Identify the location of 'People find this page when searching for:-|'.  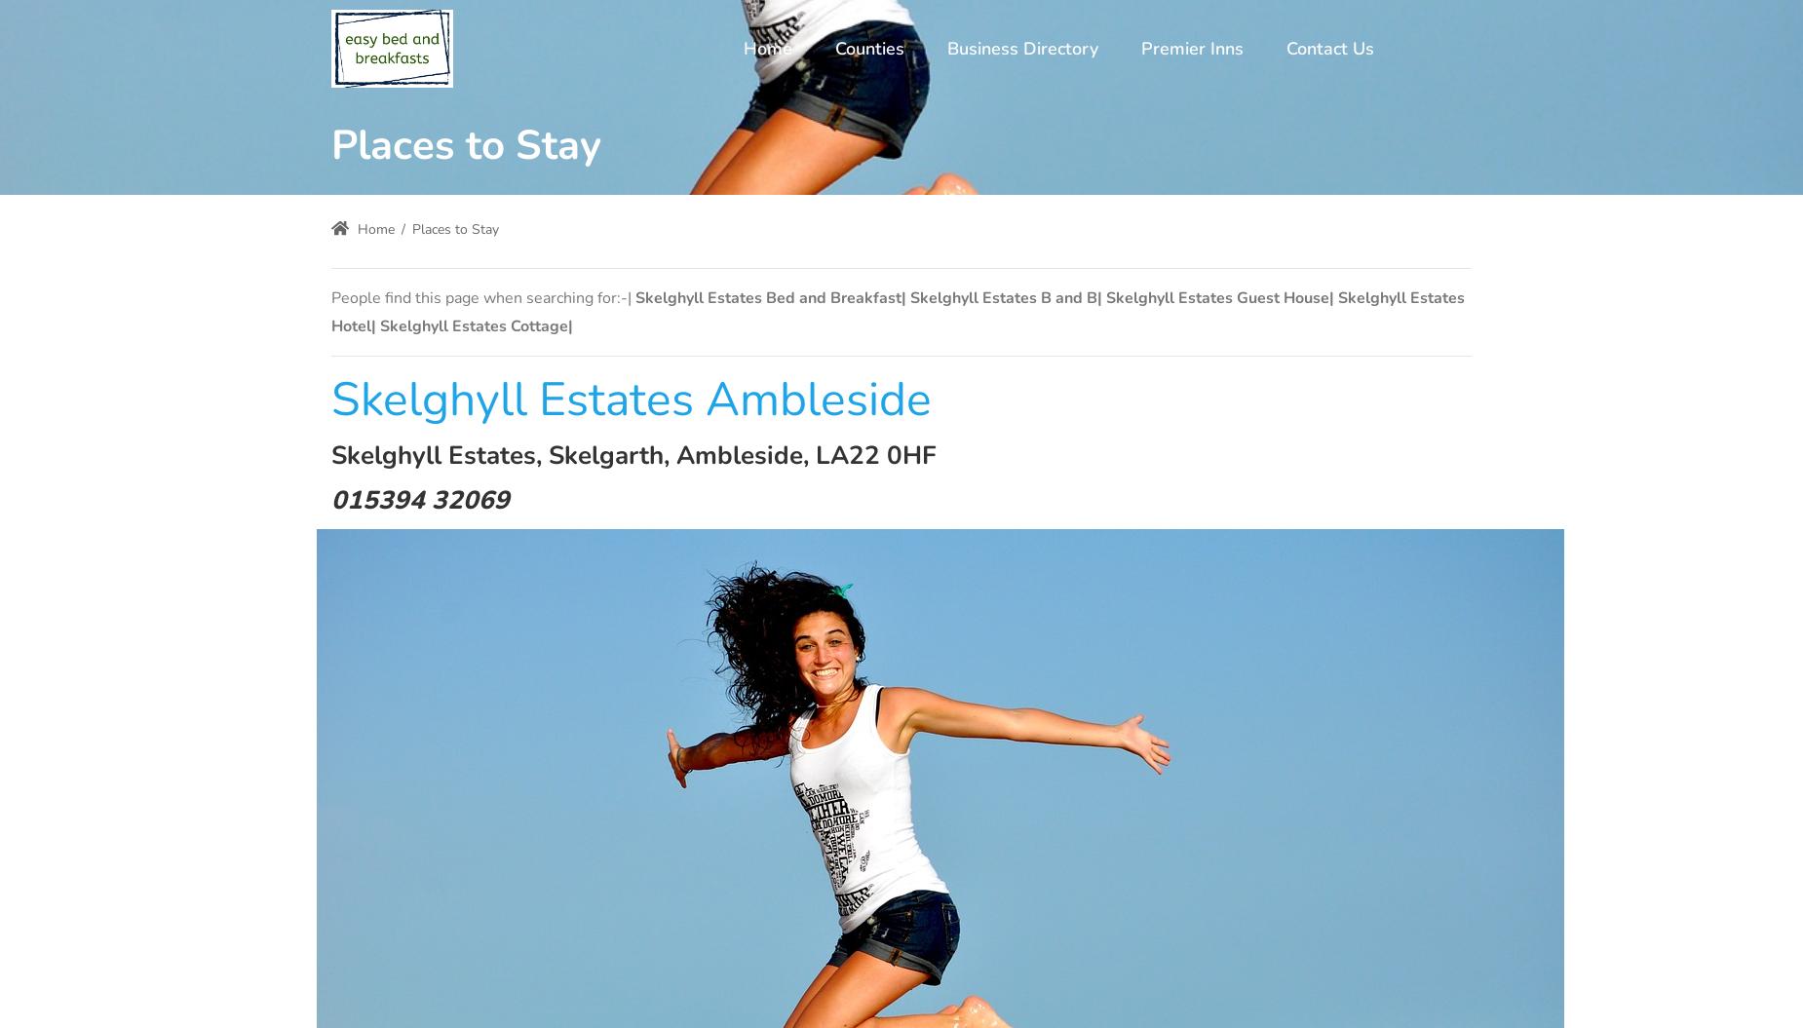
(482, 296).